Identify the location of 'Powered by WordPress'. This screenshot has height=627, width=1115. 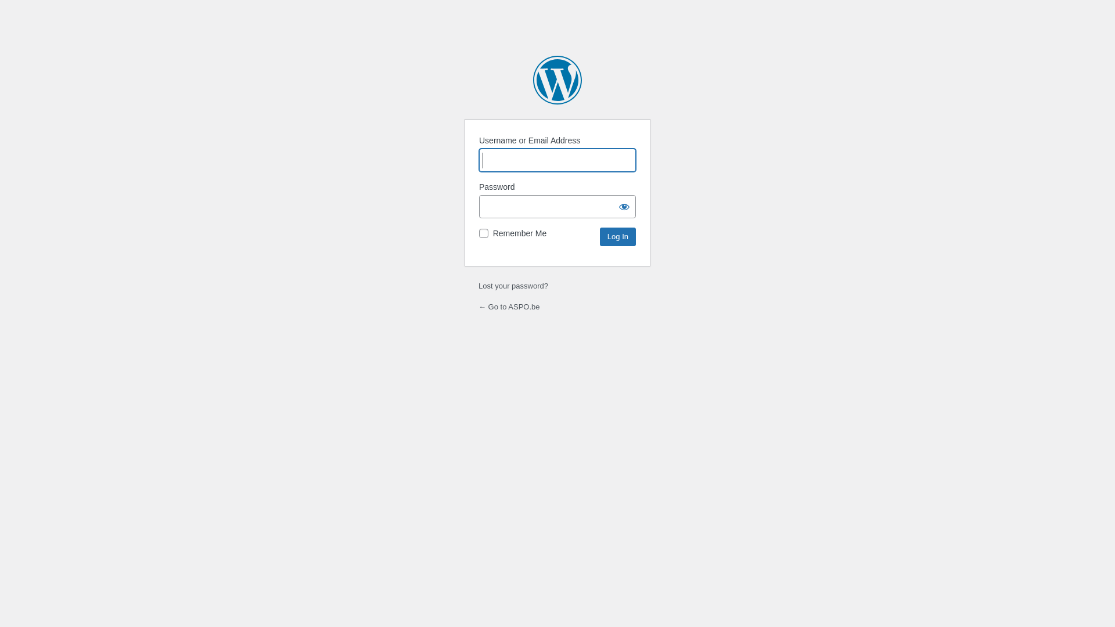
(557, 80).